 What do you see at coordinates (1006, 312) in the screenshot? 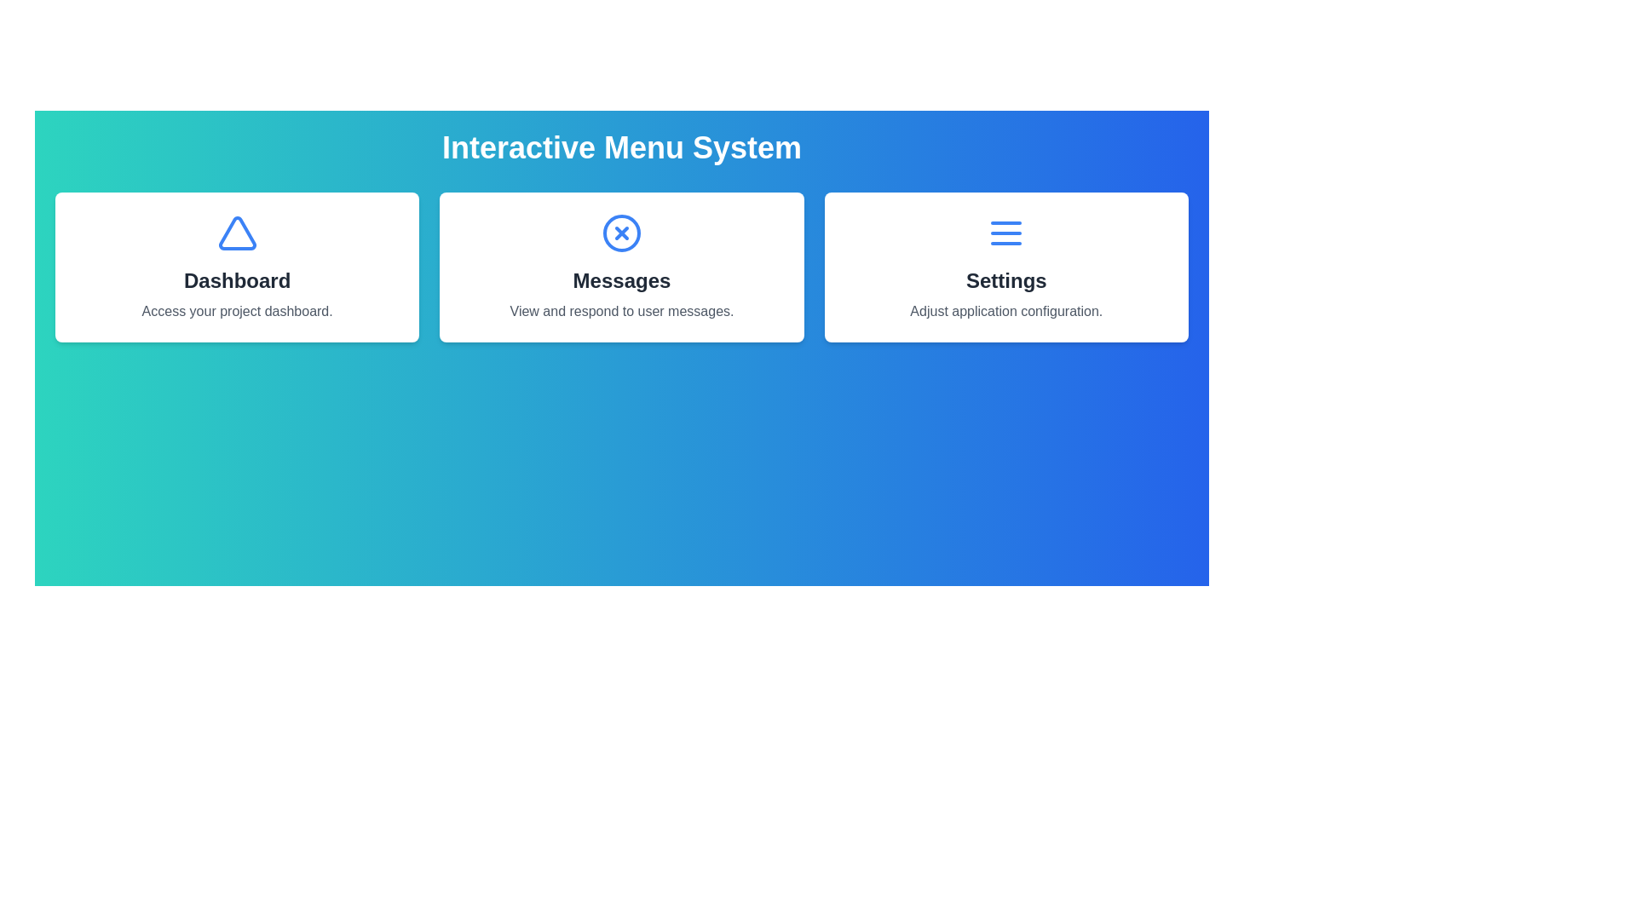
I see `the descriptive text label located beneath the 'Settings' heading, which provides additional information about the 'Settings' section` at bounding box center [1006, 312].